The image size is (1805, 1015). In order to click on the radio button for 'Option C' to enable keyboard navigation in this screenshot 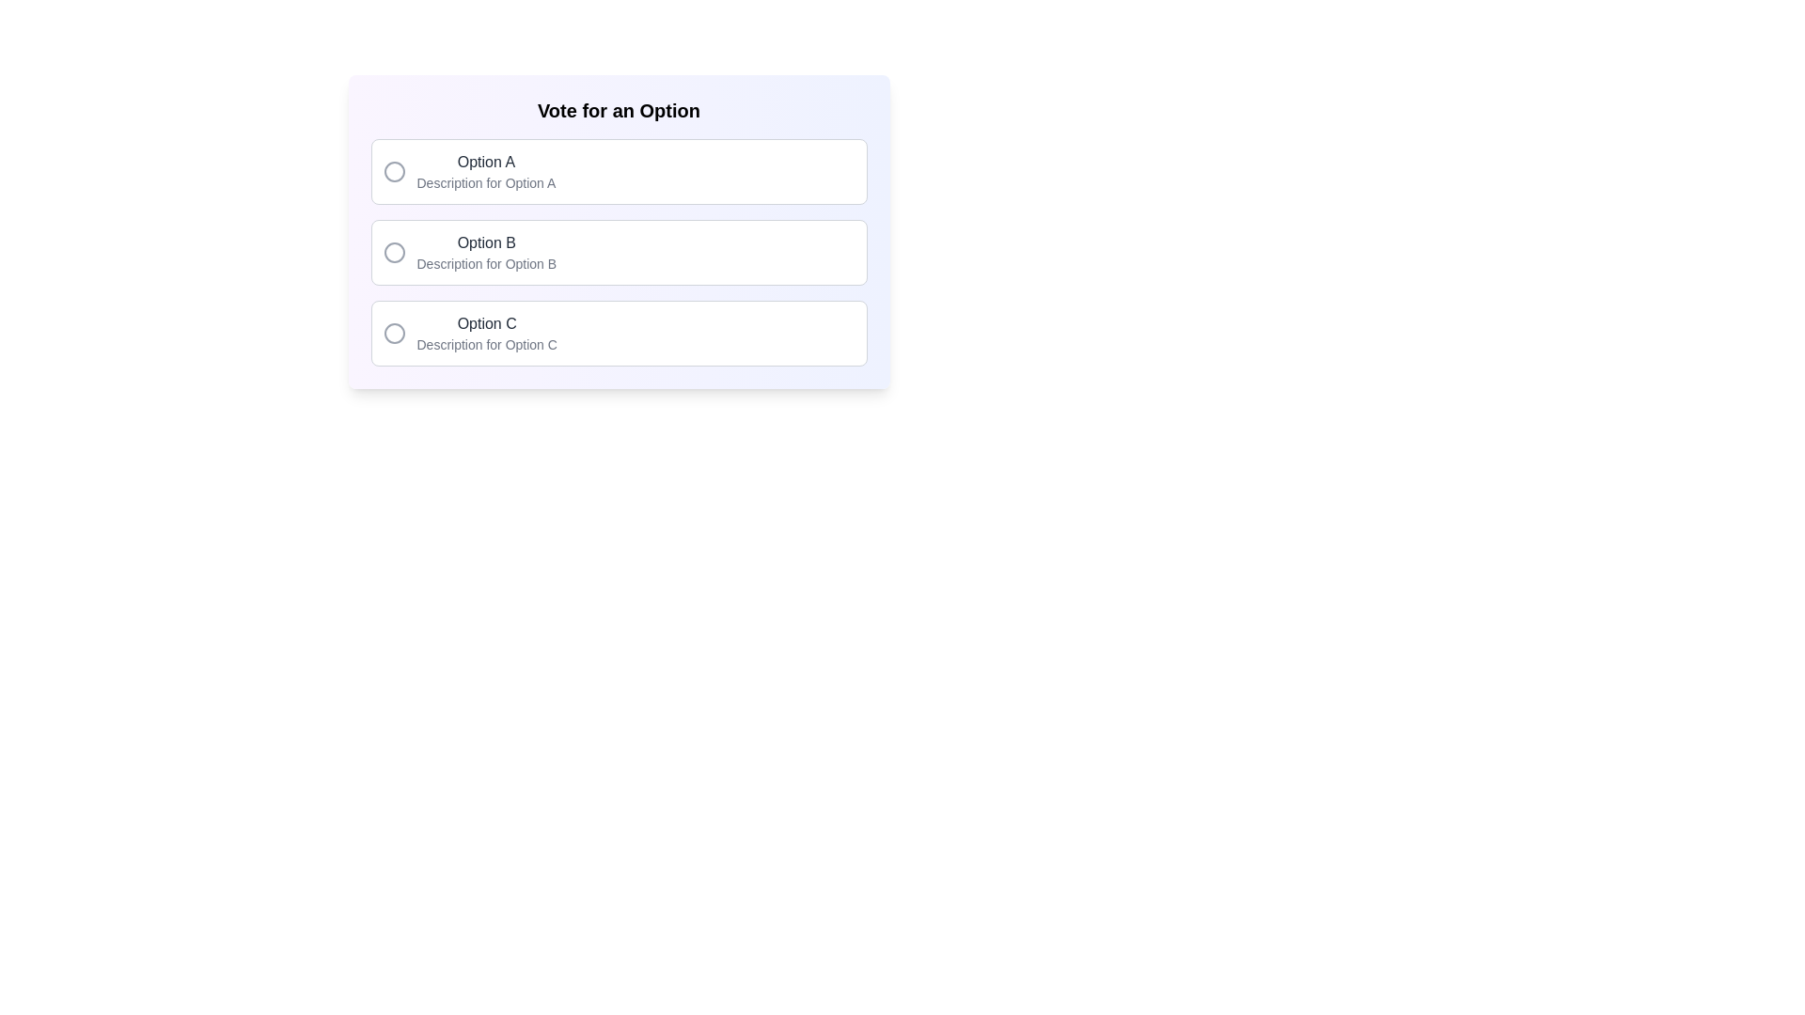, I will do `click(393, 332)`.